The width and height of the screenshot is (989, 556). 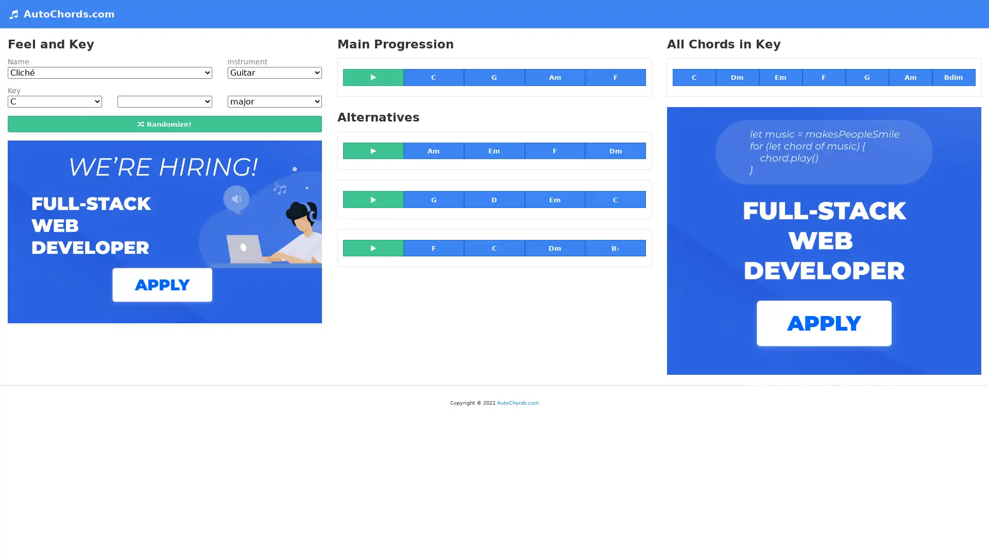 What do you see at coordinates (615, 199) in the screenshot?
I see `C` at bounding box center [615, 199].